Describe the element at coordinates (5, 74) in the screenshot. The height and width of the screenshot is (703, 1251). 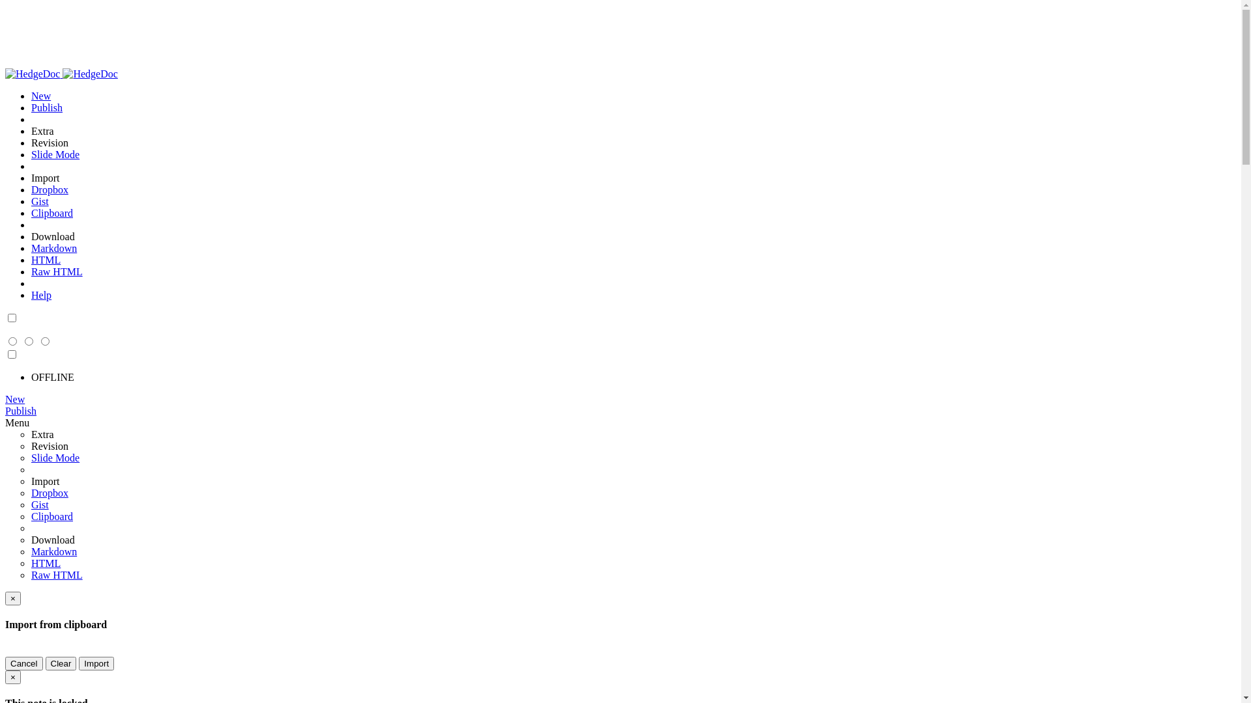
I see `'HedgeDoc'` at that location.